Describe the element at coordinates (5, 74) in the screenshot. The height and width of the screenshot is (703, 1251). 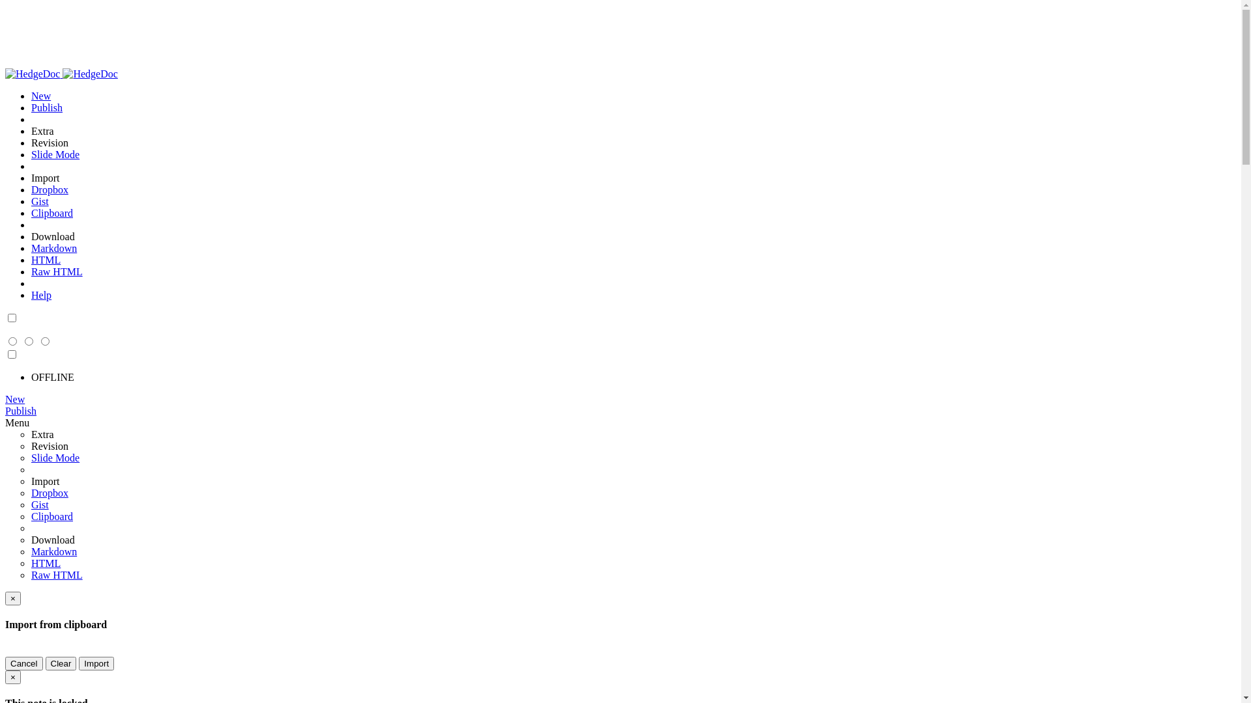
I see `'HedgeDoc'` at that location.